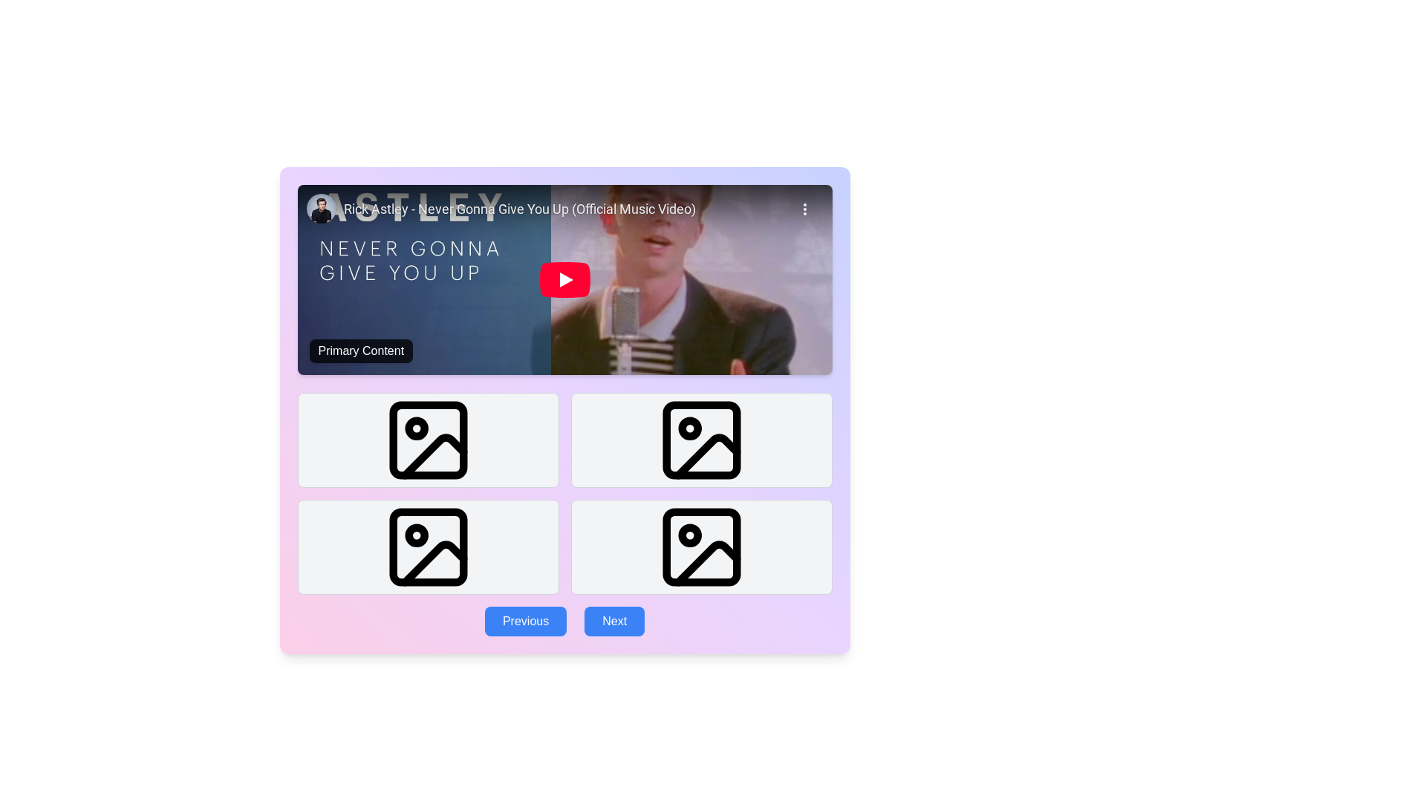 The image size is (1426, 802). What do you see at coordinates (700, 547) in the screenshot?
I see `the SVG icon with a thin black outline and a circular highlight located in the bottom-right corner of the grid layout` at bounding box center [700, 547].